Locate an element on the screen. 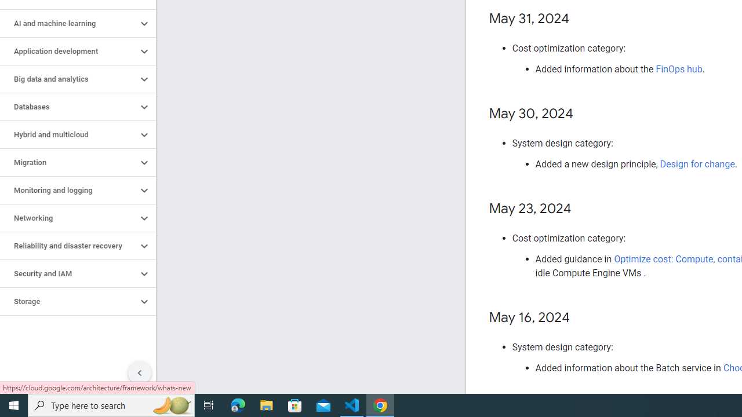  'Monitoring and logging' is located at coordinates (68, 190).